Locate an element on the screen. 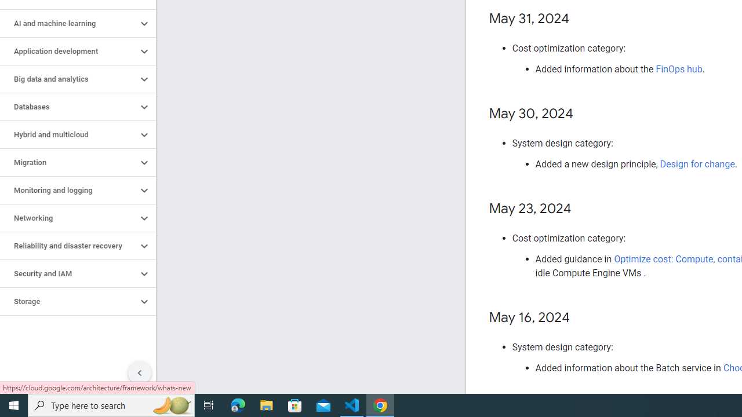  'Monitoring and logging' is located at coordinates (68, 190).